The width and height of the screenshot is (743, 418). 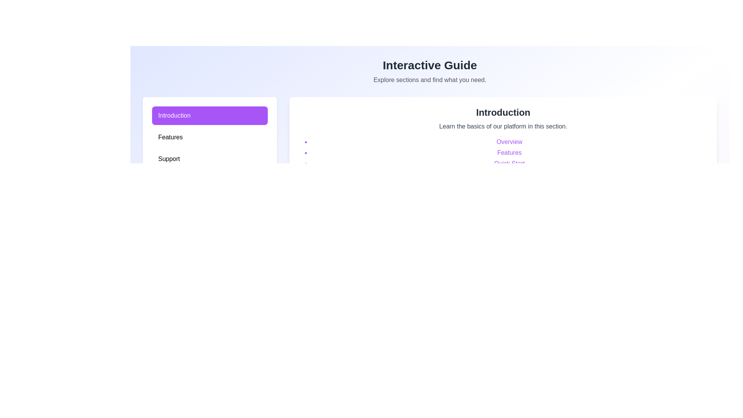 What do you see at coordinates (503, 126) in the screenshot?
I see `the text label providing an introductory explanation below the 'Introduction' title` at bounding box center [503, 126].